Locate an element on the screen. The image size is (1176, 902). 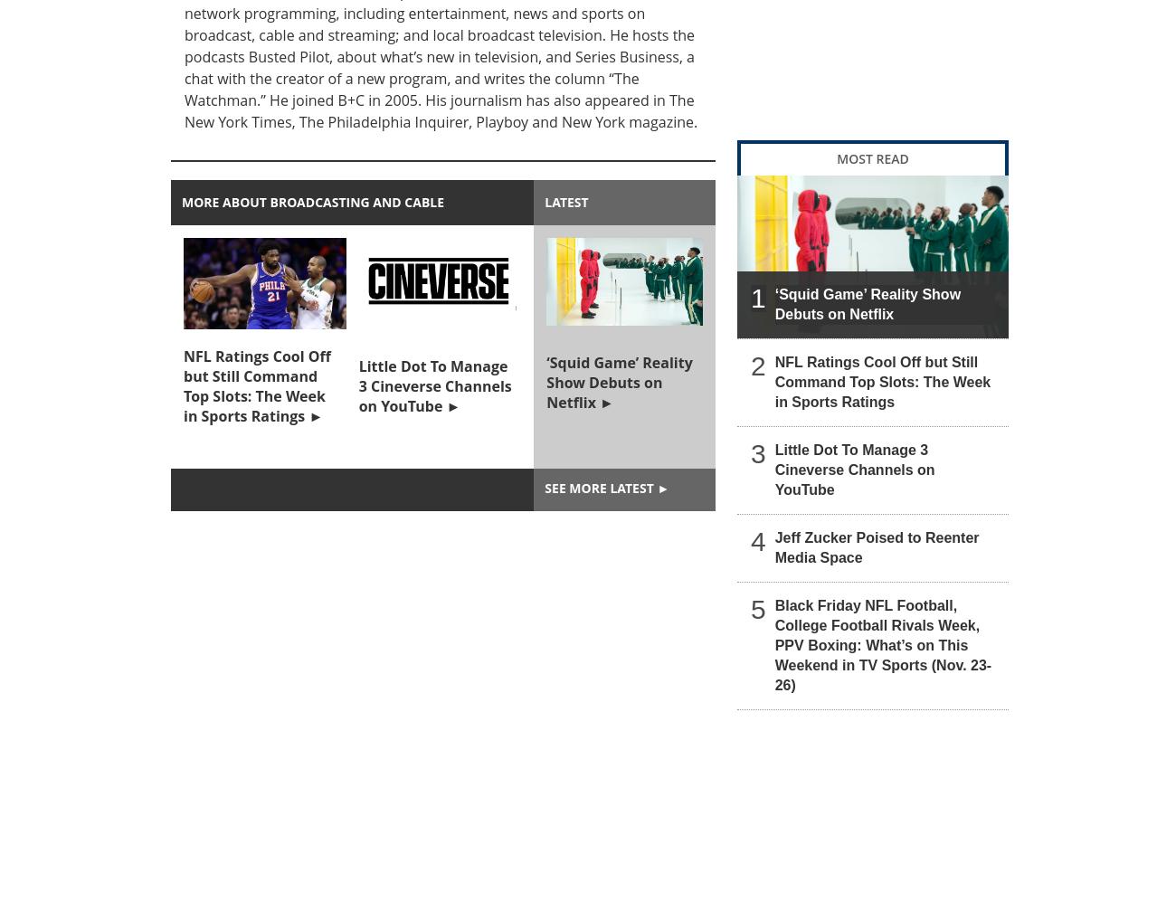
'2' is located at coordinates (757, 365).